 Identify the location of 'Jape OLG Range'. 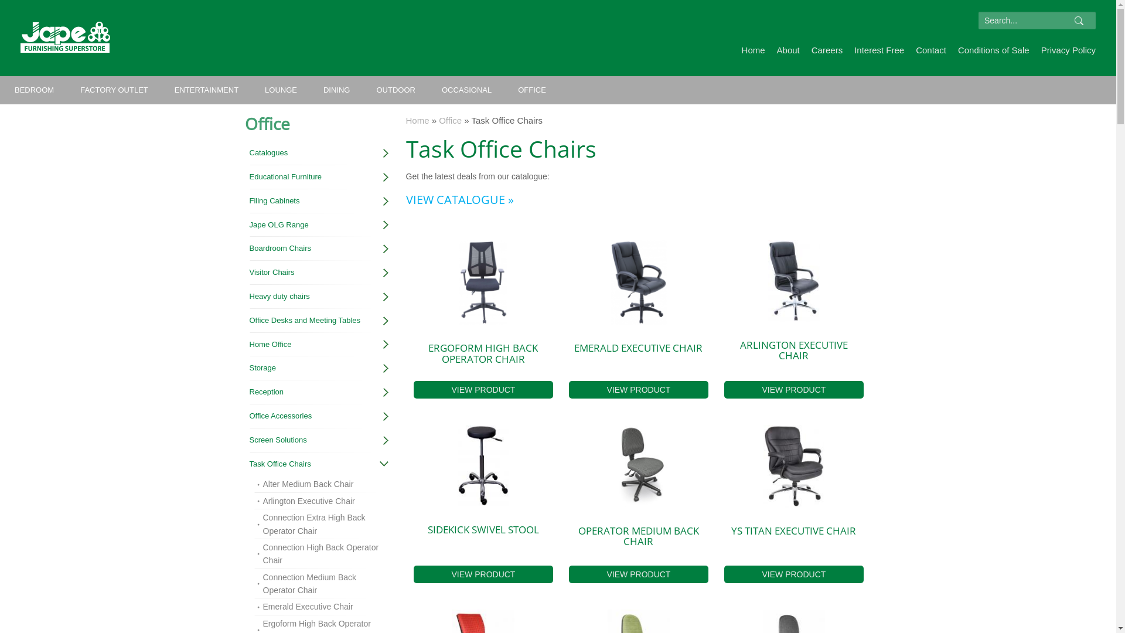
(319, 225).